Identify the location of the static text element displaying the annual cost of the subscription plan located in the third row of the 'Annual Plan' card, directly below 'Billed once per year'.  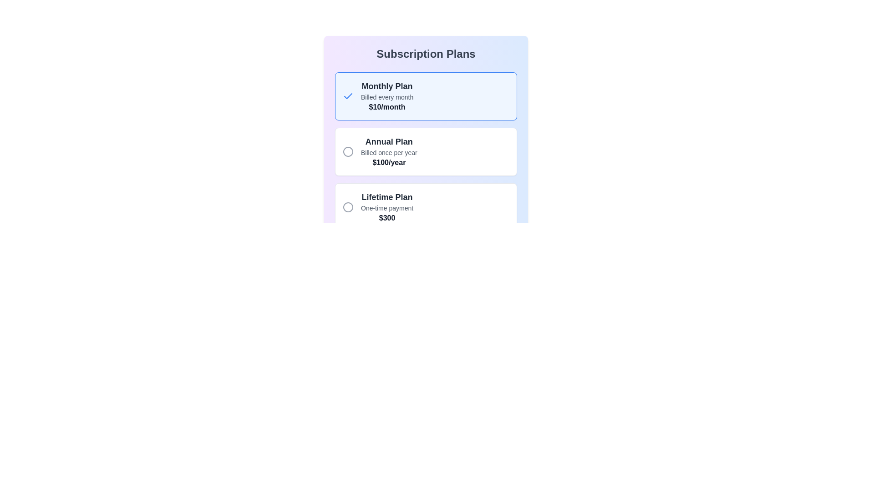
(389, 162).